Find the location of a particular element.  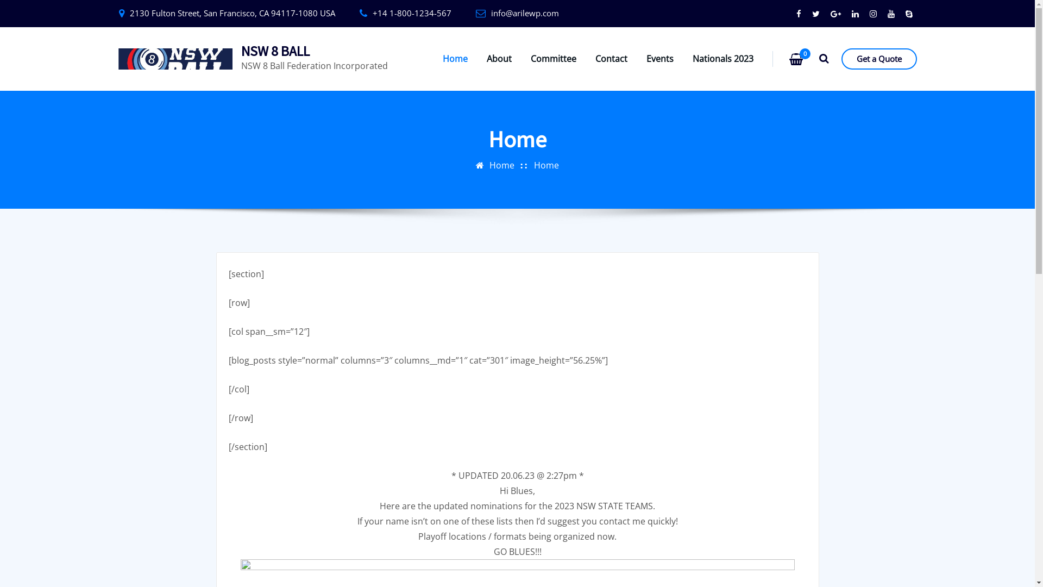

'info@arilewp.com' is located at coordinates (525, 13).